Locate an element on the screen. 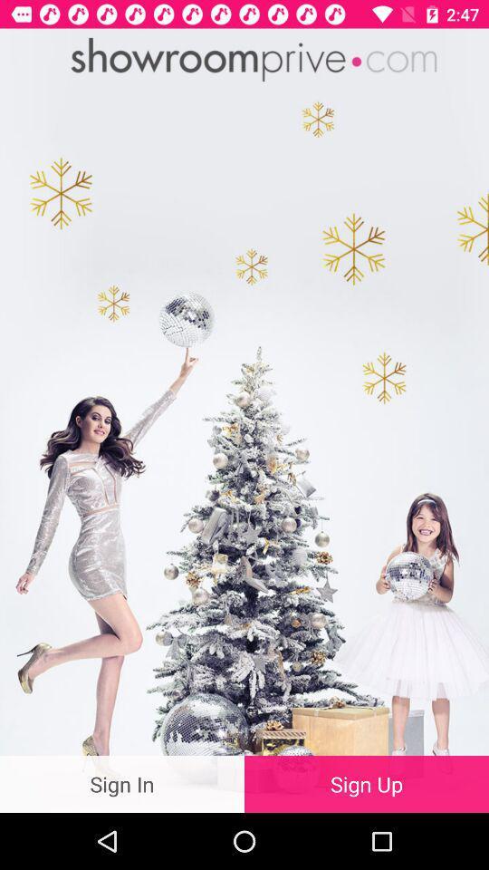 This screenshot has width=489, height=870. icon next to the sign up item is located at coordinates (122, 783).